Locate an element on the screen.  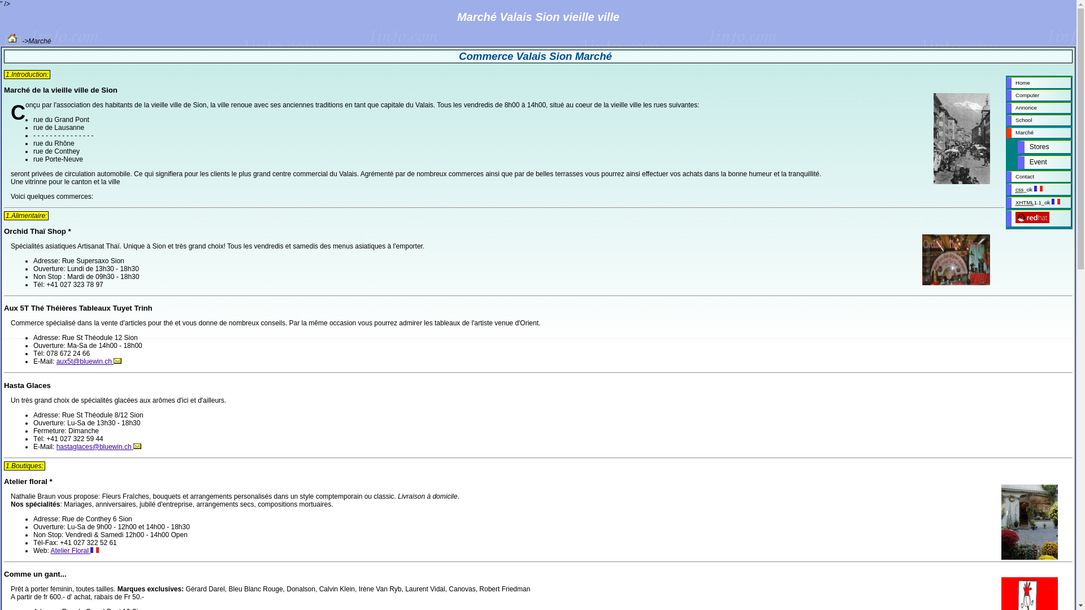
'School' is located at coordinates (1039, 120).